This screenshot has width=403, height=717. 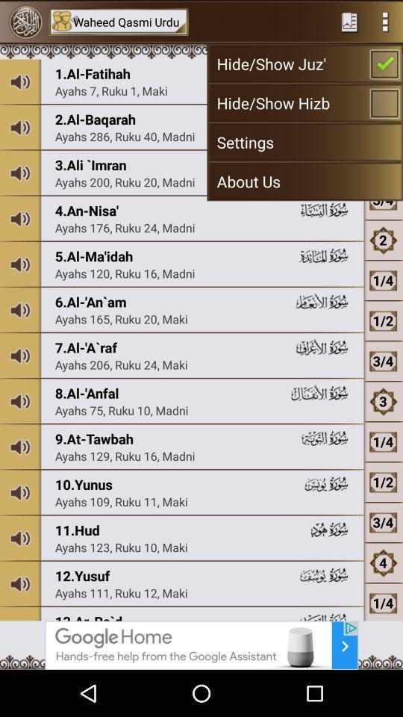 What do you see at coordinates (349, 22) in the screenshot?
I see `the bookmark icon` at bounding box center [349, 22].